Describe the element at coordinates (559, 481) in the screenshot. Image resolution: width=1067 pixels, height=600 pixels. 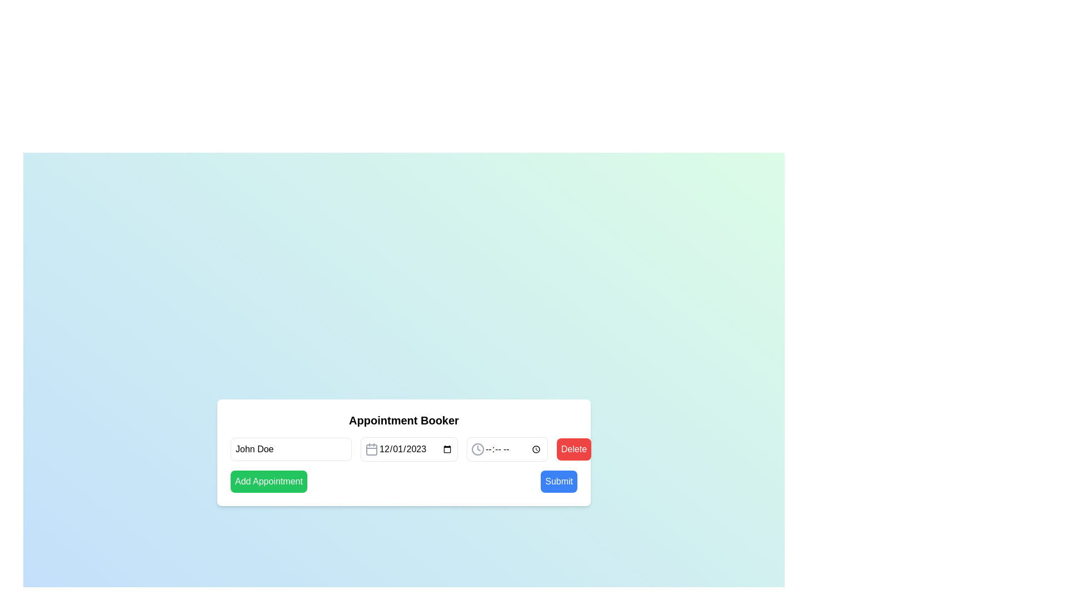
I see `the submit button located in the bottom-right corner of the interface to finalize the form submission` at that location.